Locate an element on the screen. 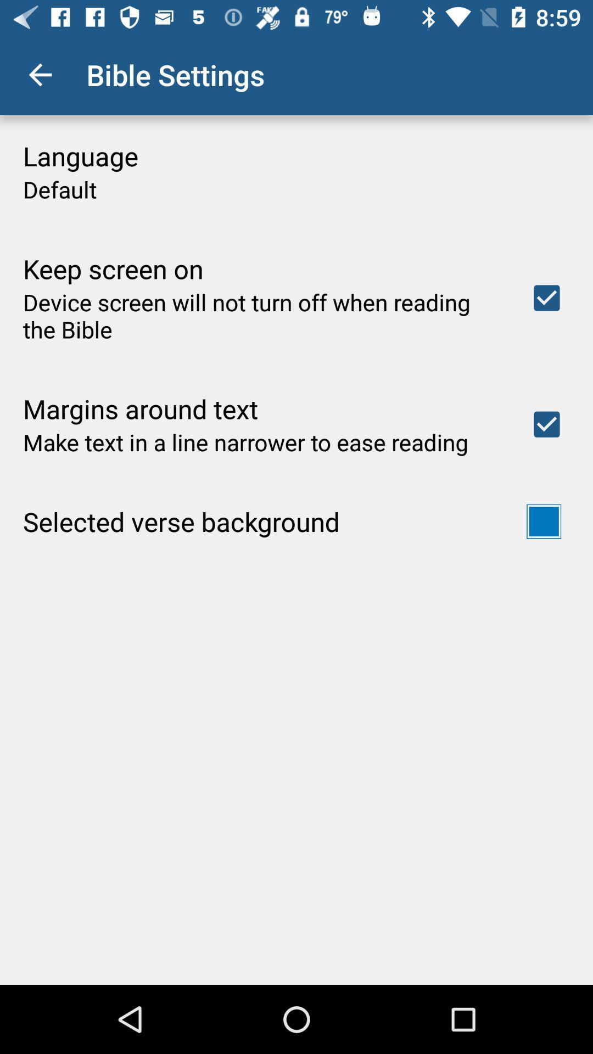 This screenshot has width=593, height=1054. the icon to the left of bible settings item is located at coordinates (40, 74).